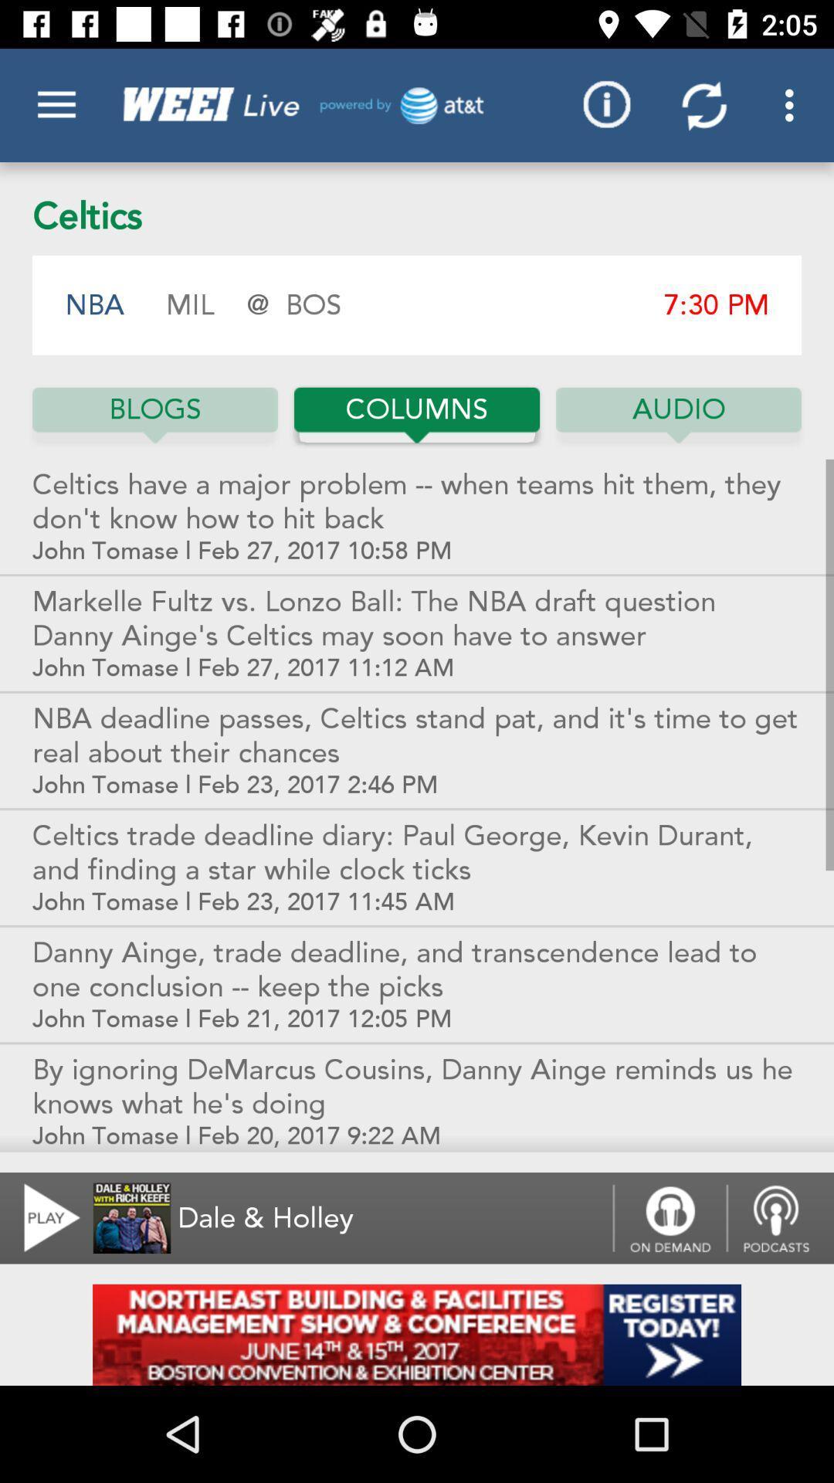 The width and height of the screenshot is (834, 1483). Describe the element at coordinates (42, 1217) in the screenshot. I see `the play icon` at that location.